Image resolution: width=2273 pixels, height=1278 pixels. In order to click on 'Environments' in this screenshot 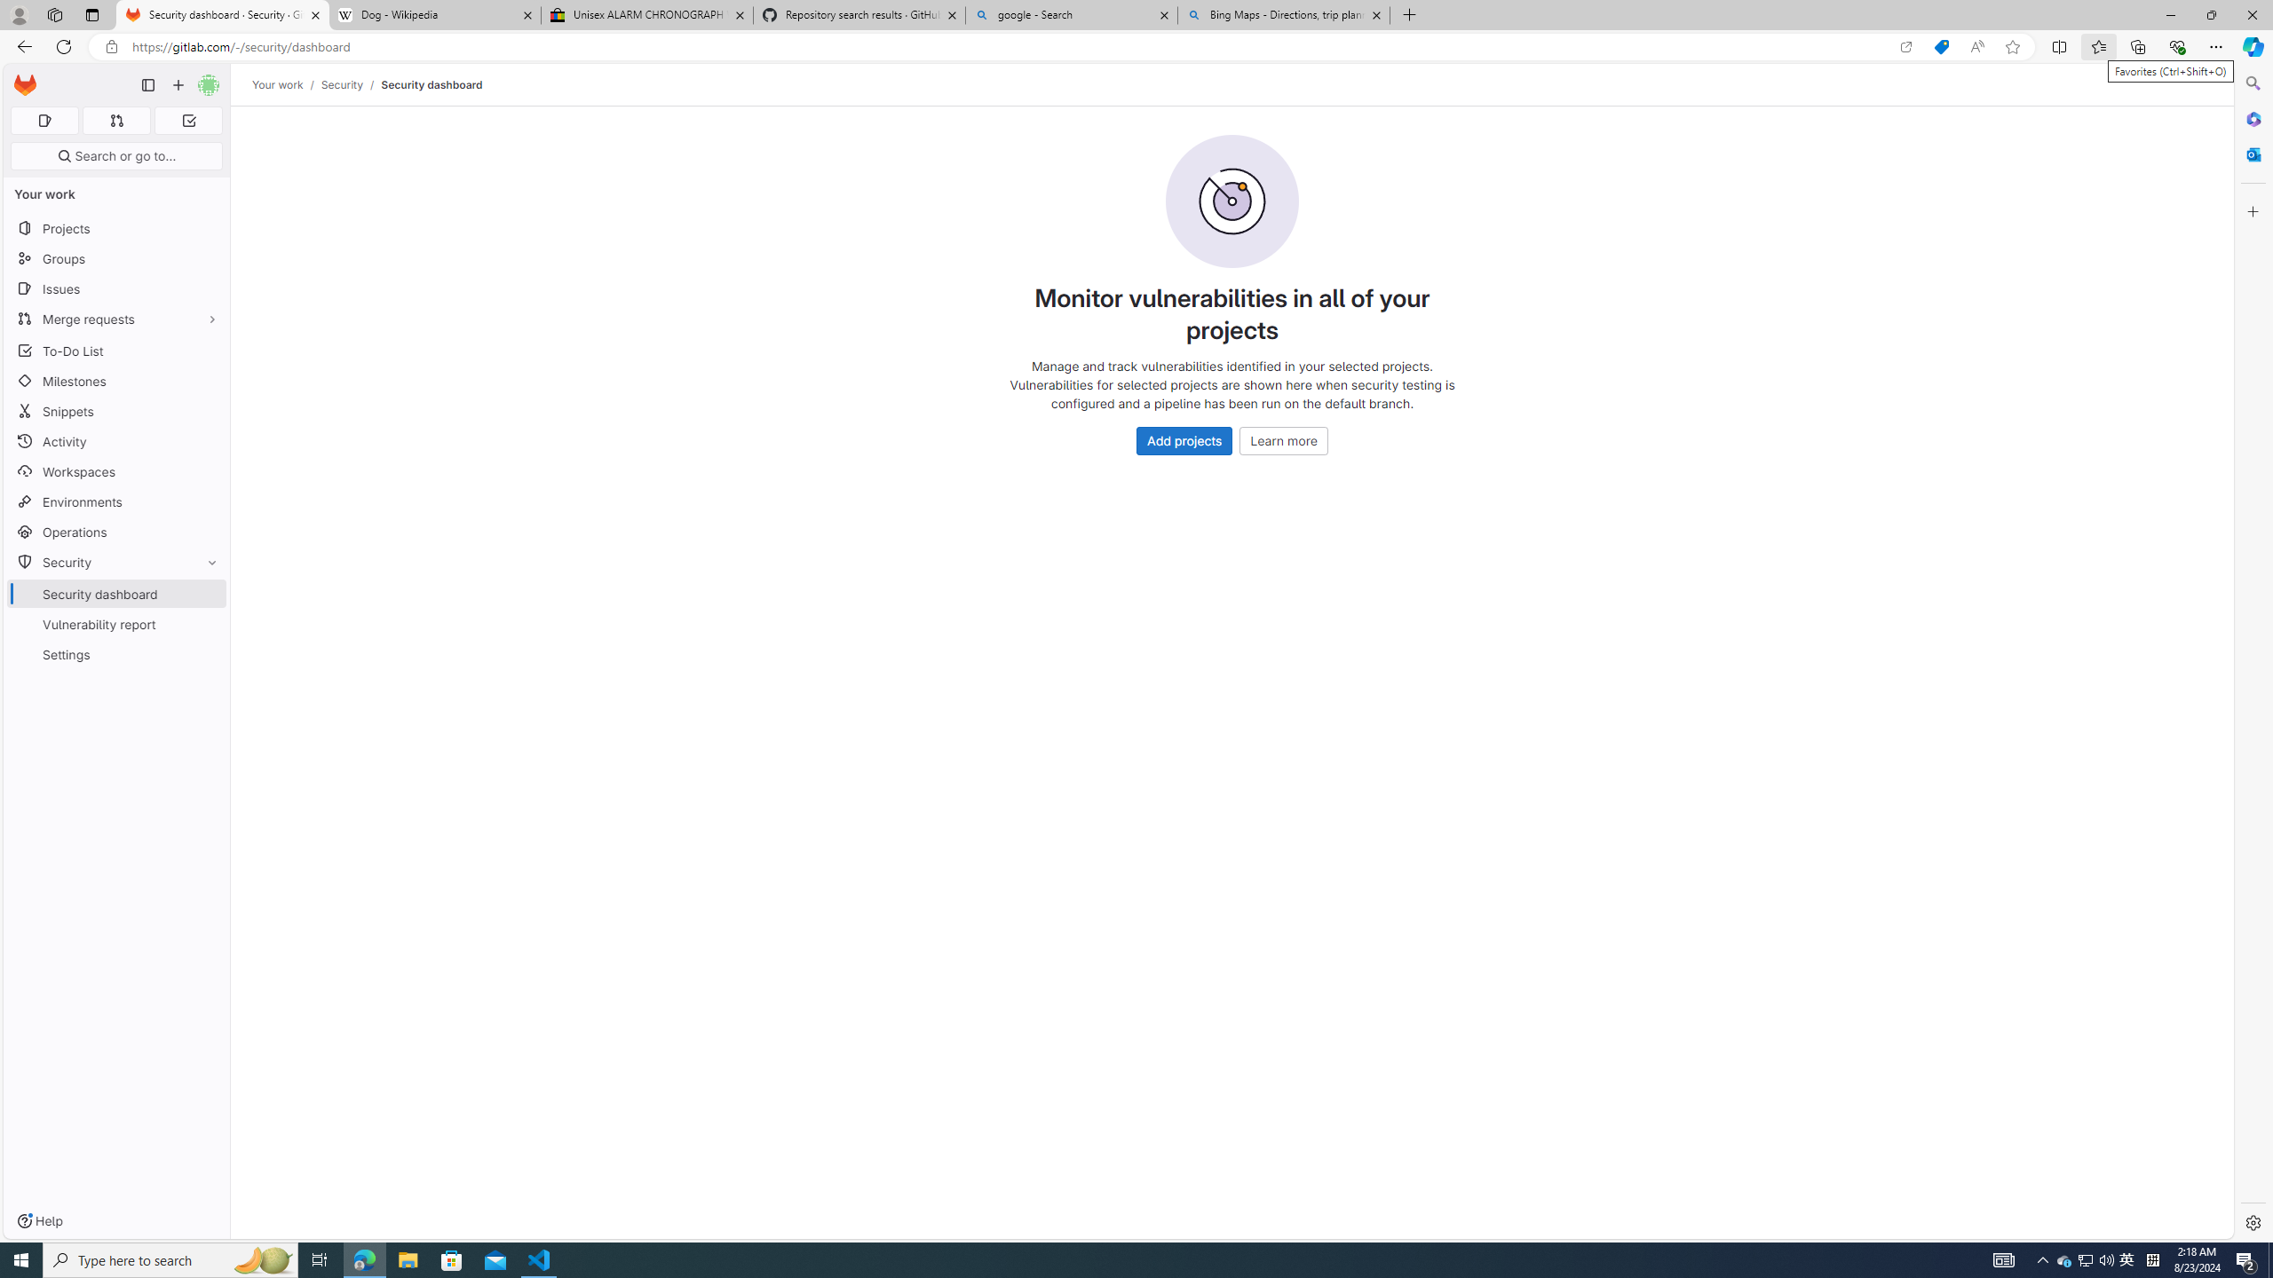, I will do `click(115, 501)`.